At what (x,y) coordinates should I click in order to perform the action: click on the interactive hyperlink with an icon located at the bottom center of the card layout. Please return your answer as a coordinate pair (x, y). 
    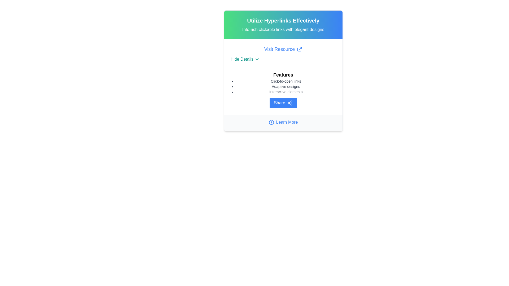
    Looking at the image, I should click on (283, 123).